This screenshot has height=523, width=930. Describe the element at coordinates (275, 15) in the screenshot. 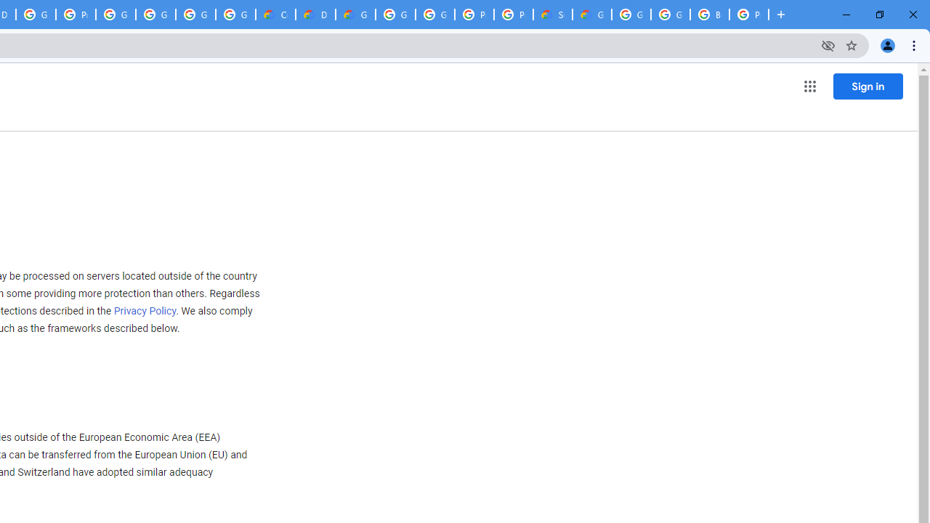

I see `'Customer Care | Google Cloud'` at that location.